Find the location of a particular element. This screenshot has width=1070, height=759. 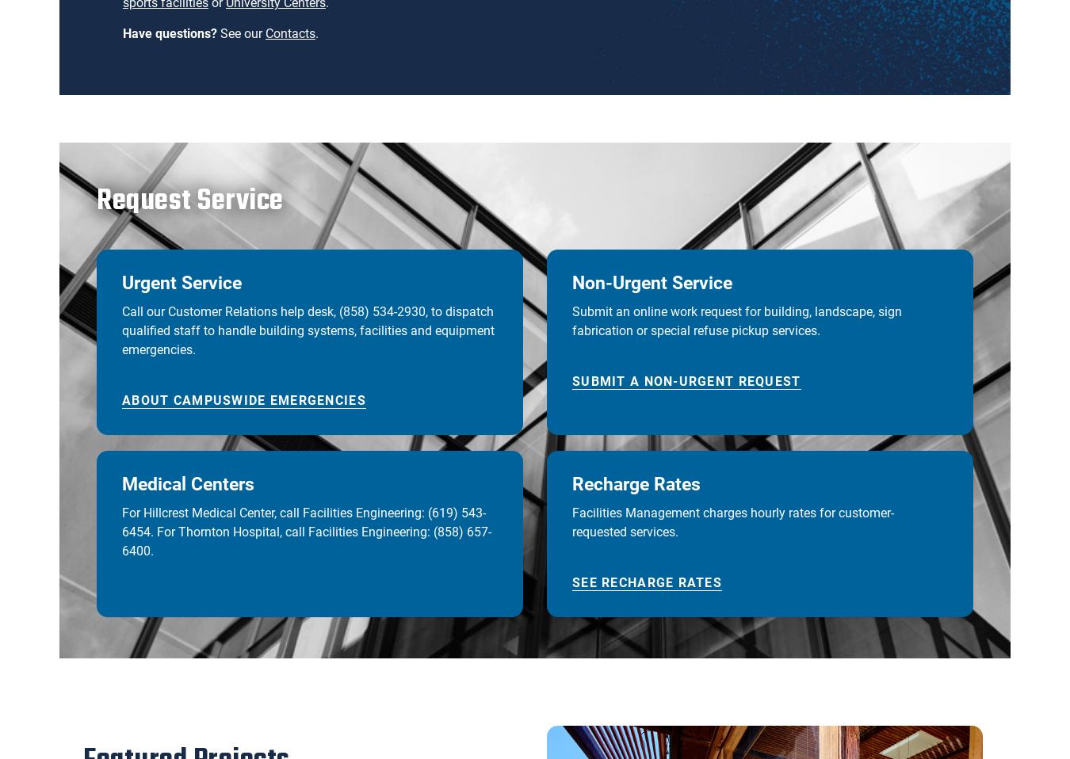

'About Campuswide Emergencies' is located at coordinates (243, 399).